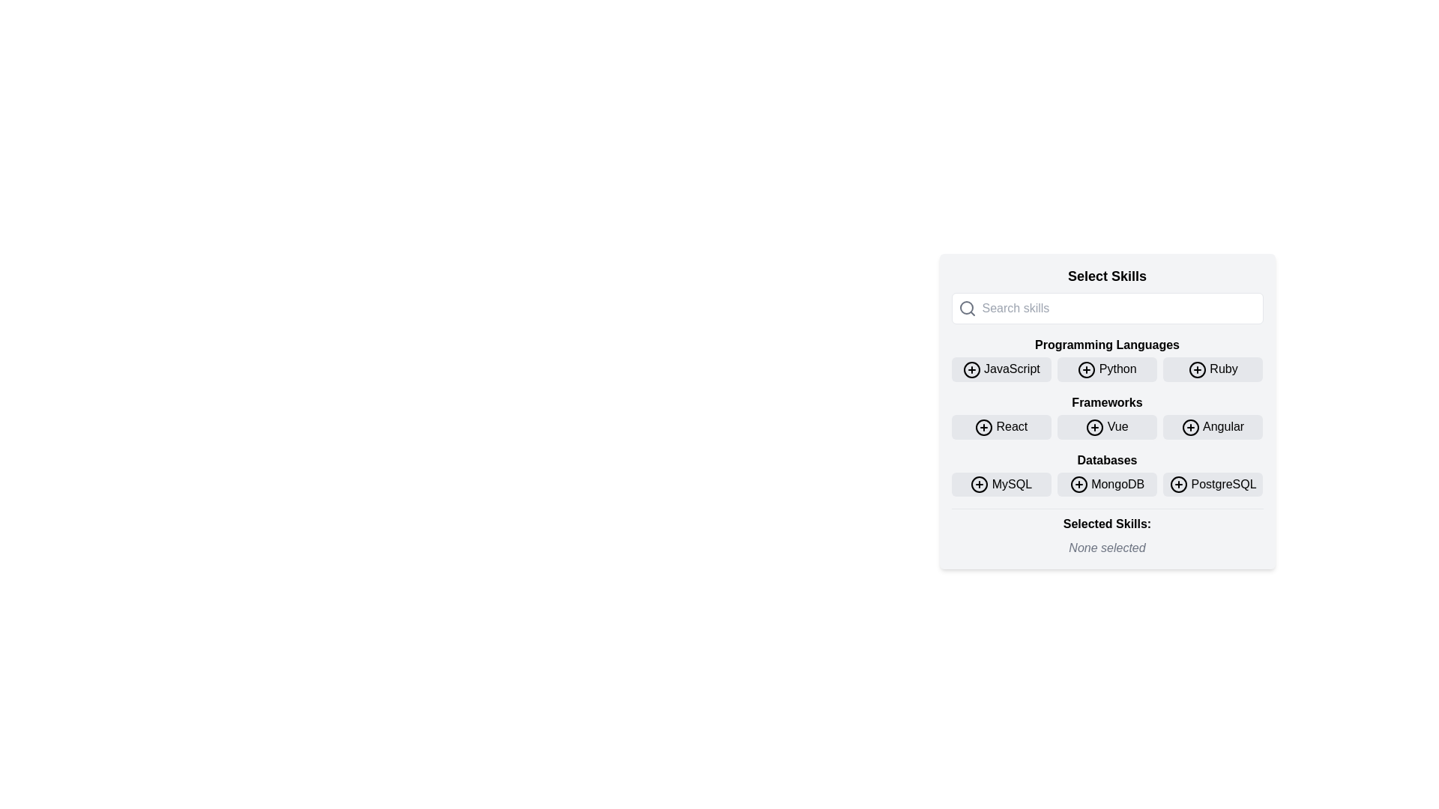 The image size is (1439, 809). I want to click on the circular icon button with a plus sign located on the left side of the 'React' button in the 'Select Skills' section, so click(984, 427).